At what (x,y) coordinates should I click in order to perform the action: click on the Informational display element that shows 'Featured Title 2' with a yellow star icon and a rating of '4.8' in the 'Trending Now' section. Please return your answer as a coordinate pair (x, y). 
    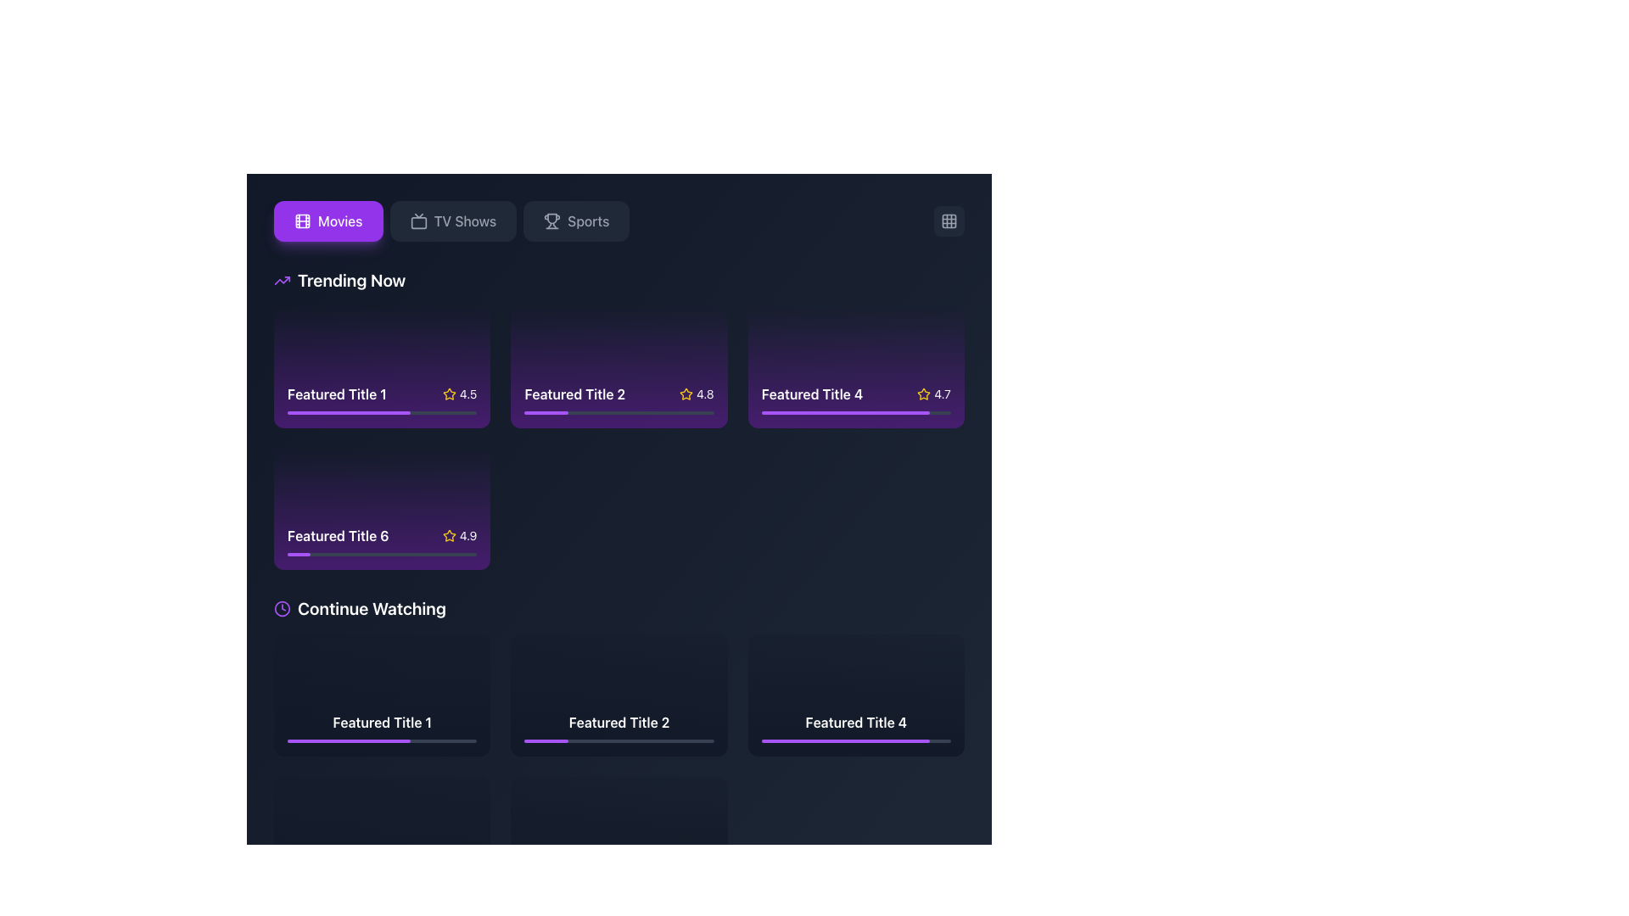
    Looking at the image, I should click on (618, 394).